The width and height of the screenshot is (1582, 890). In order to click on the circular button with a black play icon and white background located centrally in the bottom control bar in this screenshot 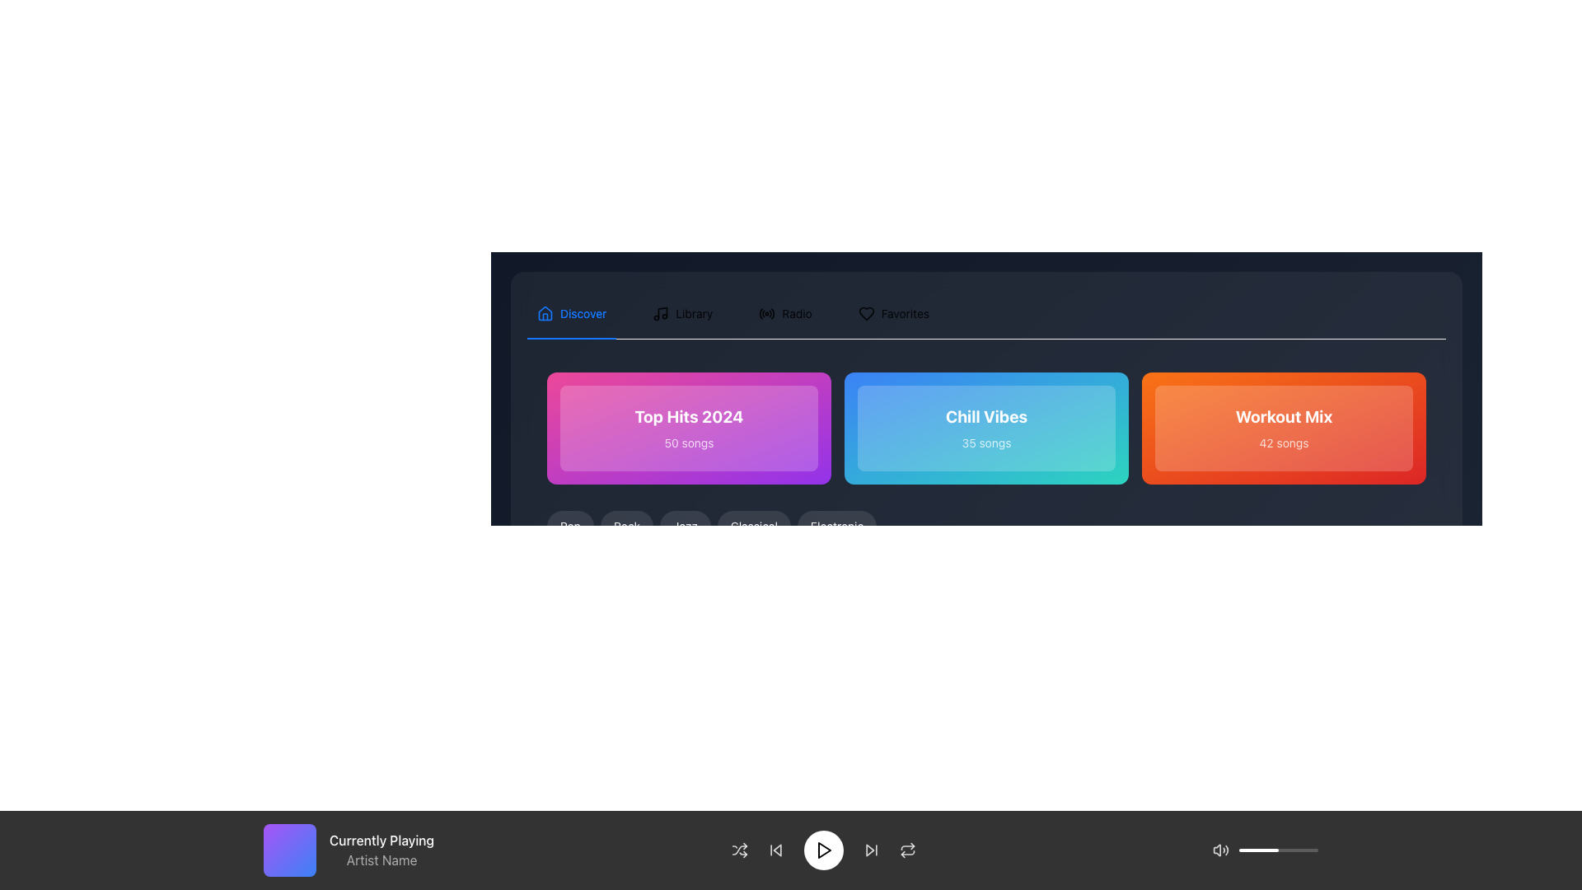, I will do `click(823, 850)`.